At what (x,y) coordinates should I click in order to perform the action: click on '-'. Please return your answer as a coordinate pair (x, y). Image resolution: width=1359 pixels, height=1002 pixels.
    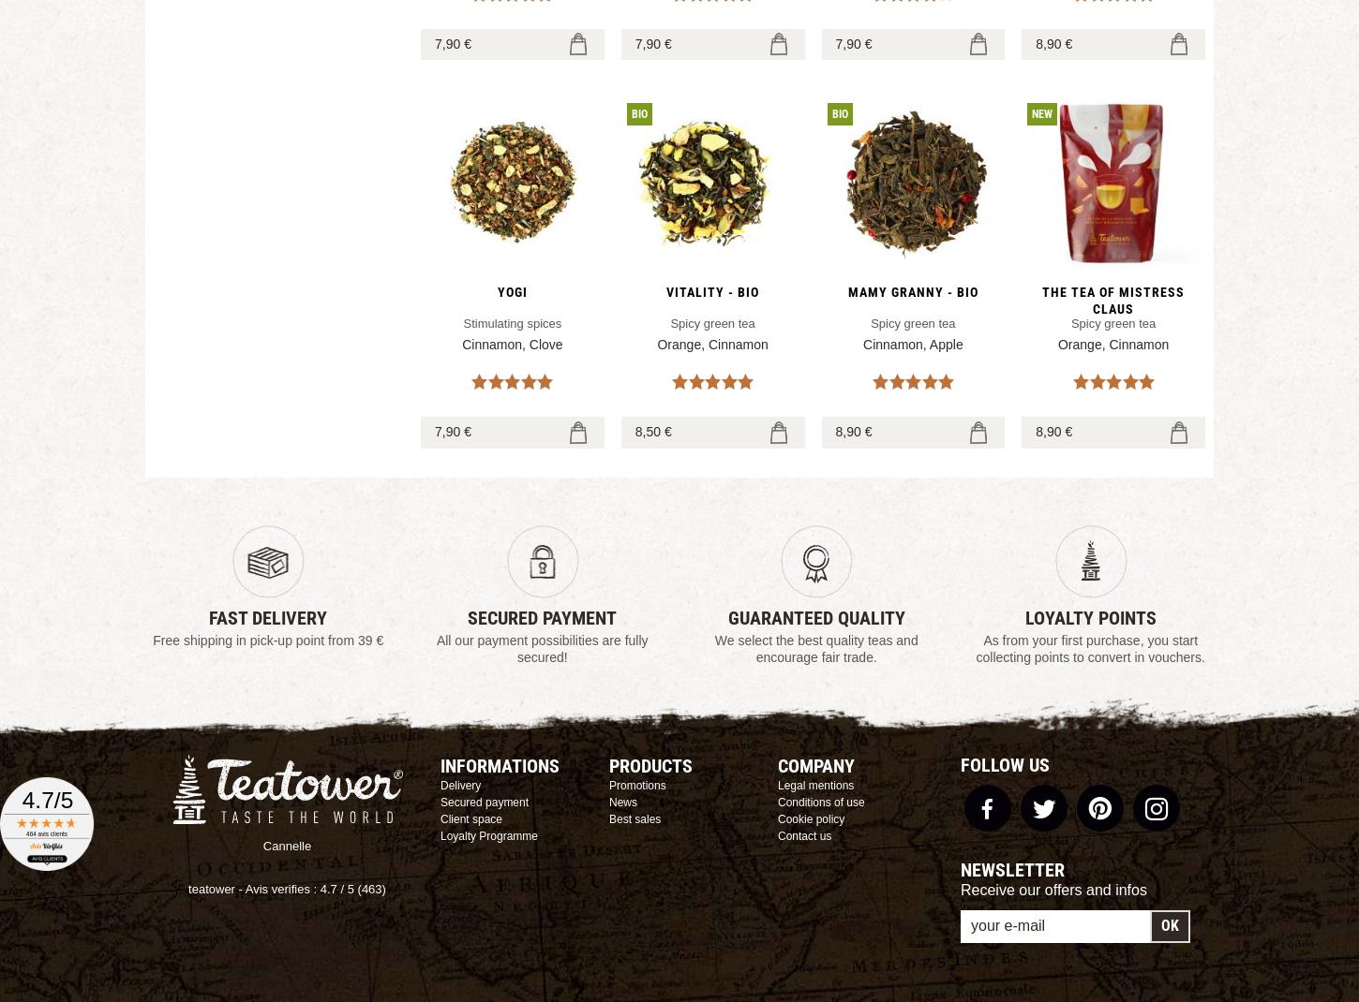
    Looking at the image, I should click on (239, 887).